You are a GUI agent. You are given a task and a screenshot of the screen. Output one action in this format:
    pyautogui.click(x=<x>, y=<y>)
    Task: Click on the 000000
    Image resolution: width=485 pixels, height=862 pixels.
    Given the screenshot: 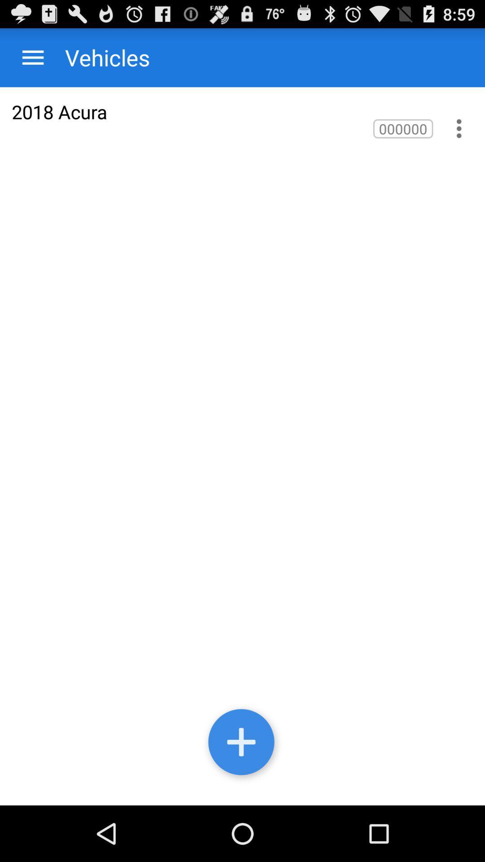 What is the action you would take?
    pyautogui.click(x=402, y=128)
    